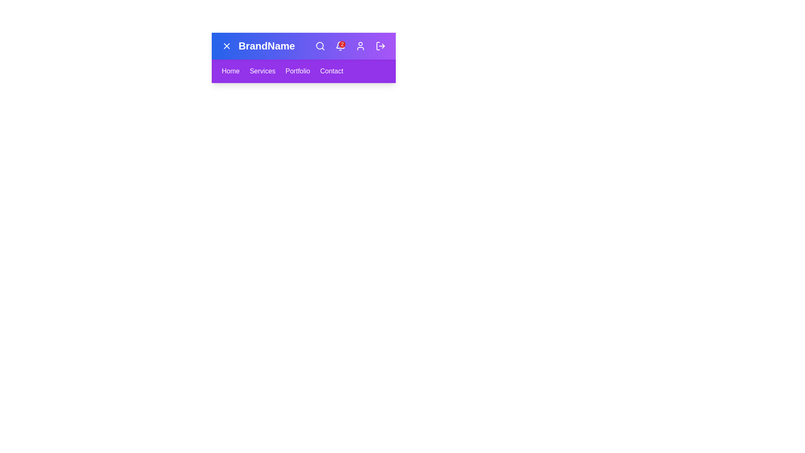 This screenshot has height=453, width=805. What do you see at coordinates (340, 46) in the screenshot?
I see `the interactive notification icon with a badge, which indicates 2 pending notifications` at bounding box center [340, 46].